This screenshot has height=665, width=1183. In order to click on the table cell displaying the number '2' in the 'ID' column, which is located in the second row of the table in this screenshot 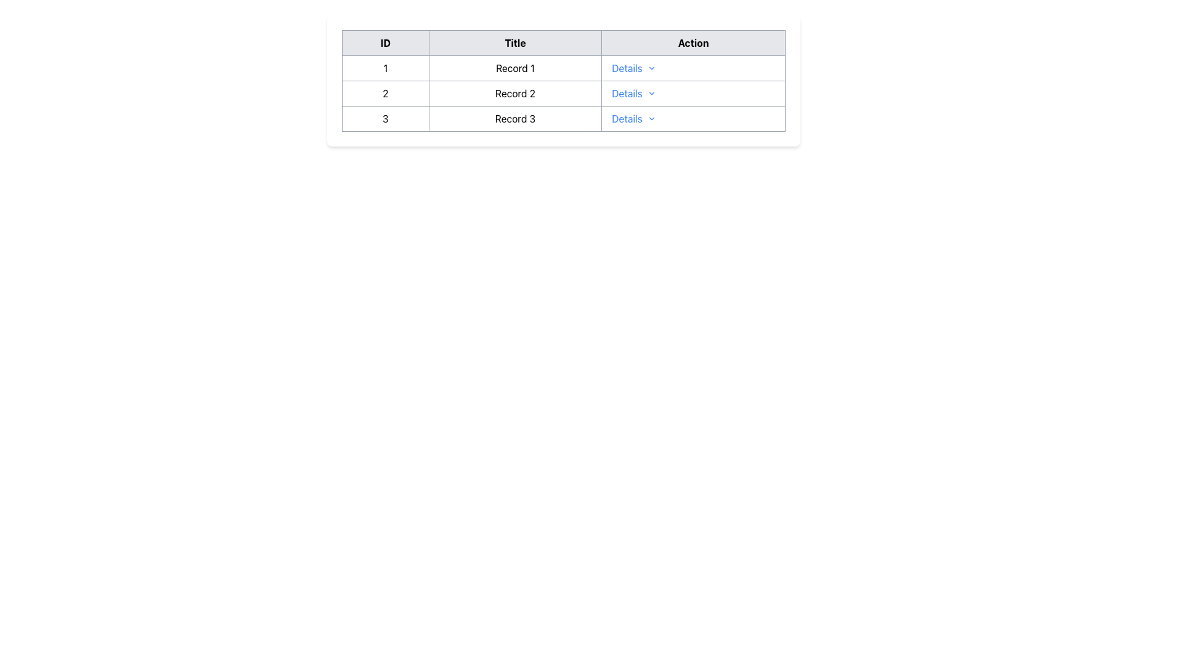, I will do `click(384, 92)`.